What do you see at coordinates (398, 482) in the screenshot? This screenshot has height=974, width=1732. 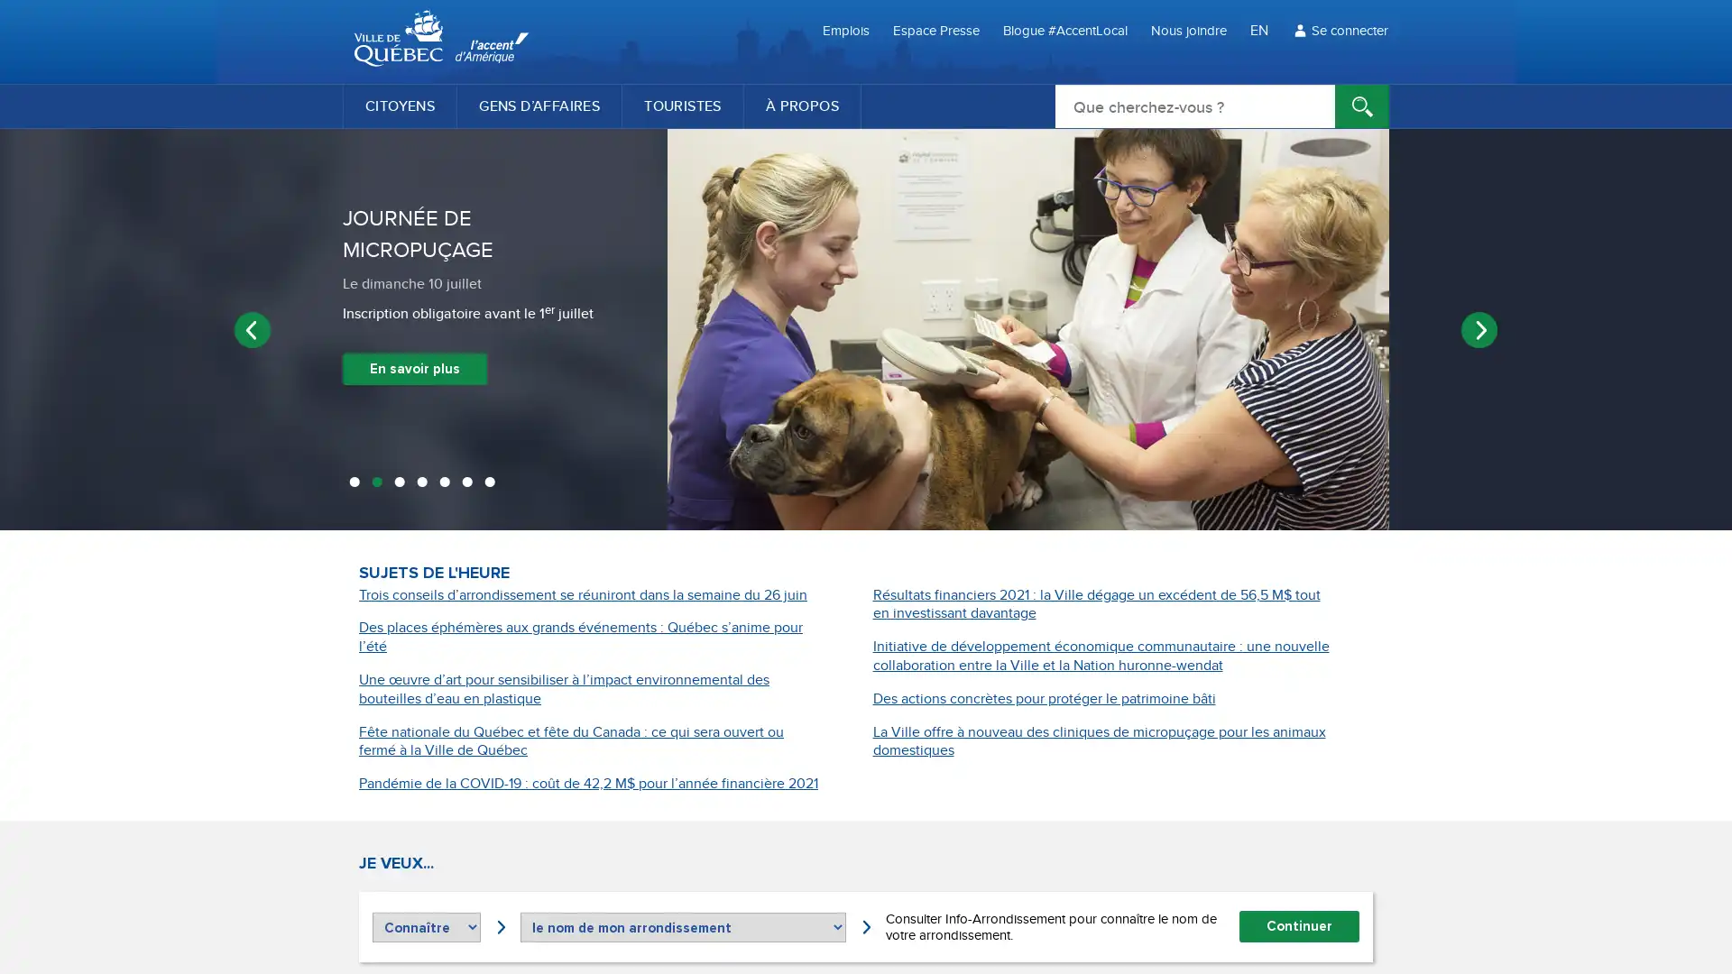 I see `Diapositive numero 3` at bounding box center [398, 482].